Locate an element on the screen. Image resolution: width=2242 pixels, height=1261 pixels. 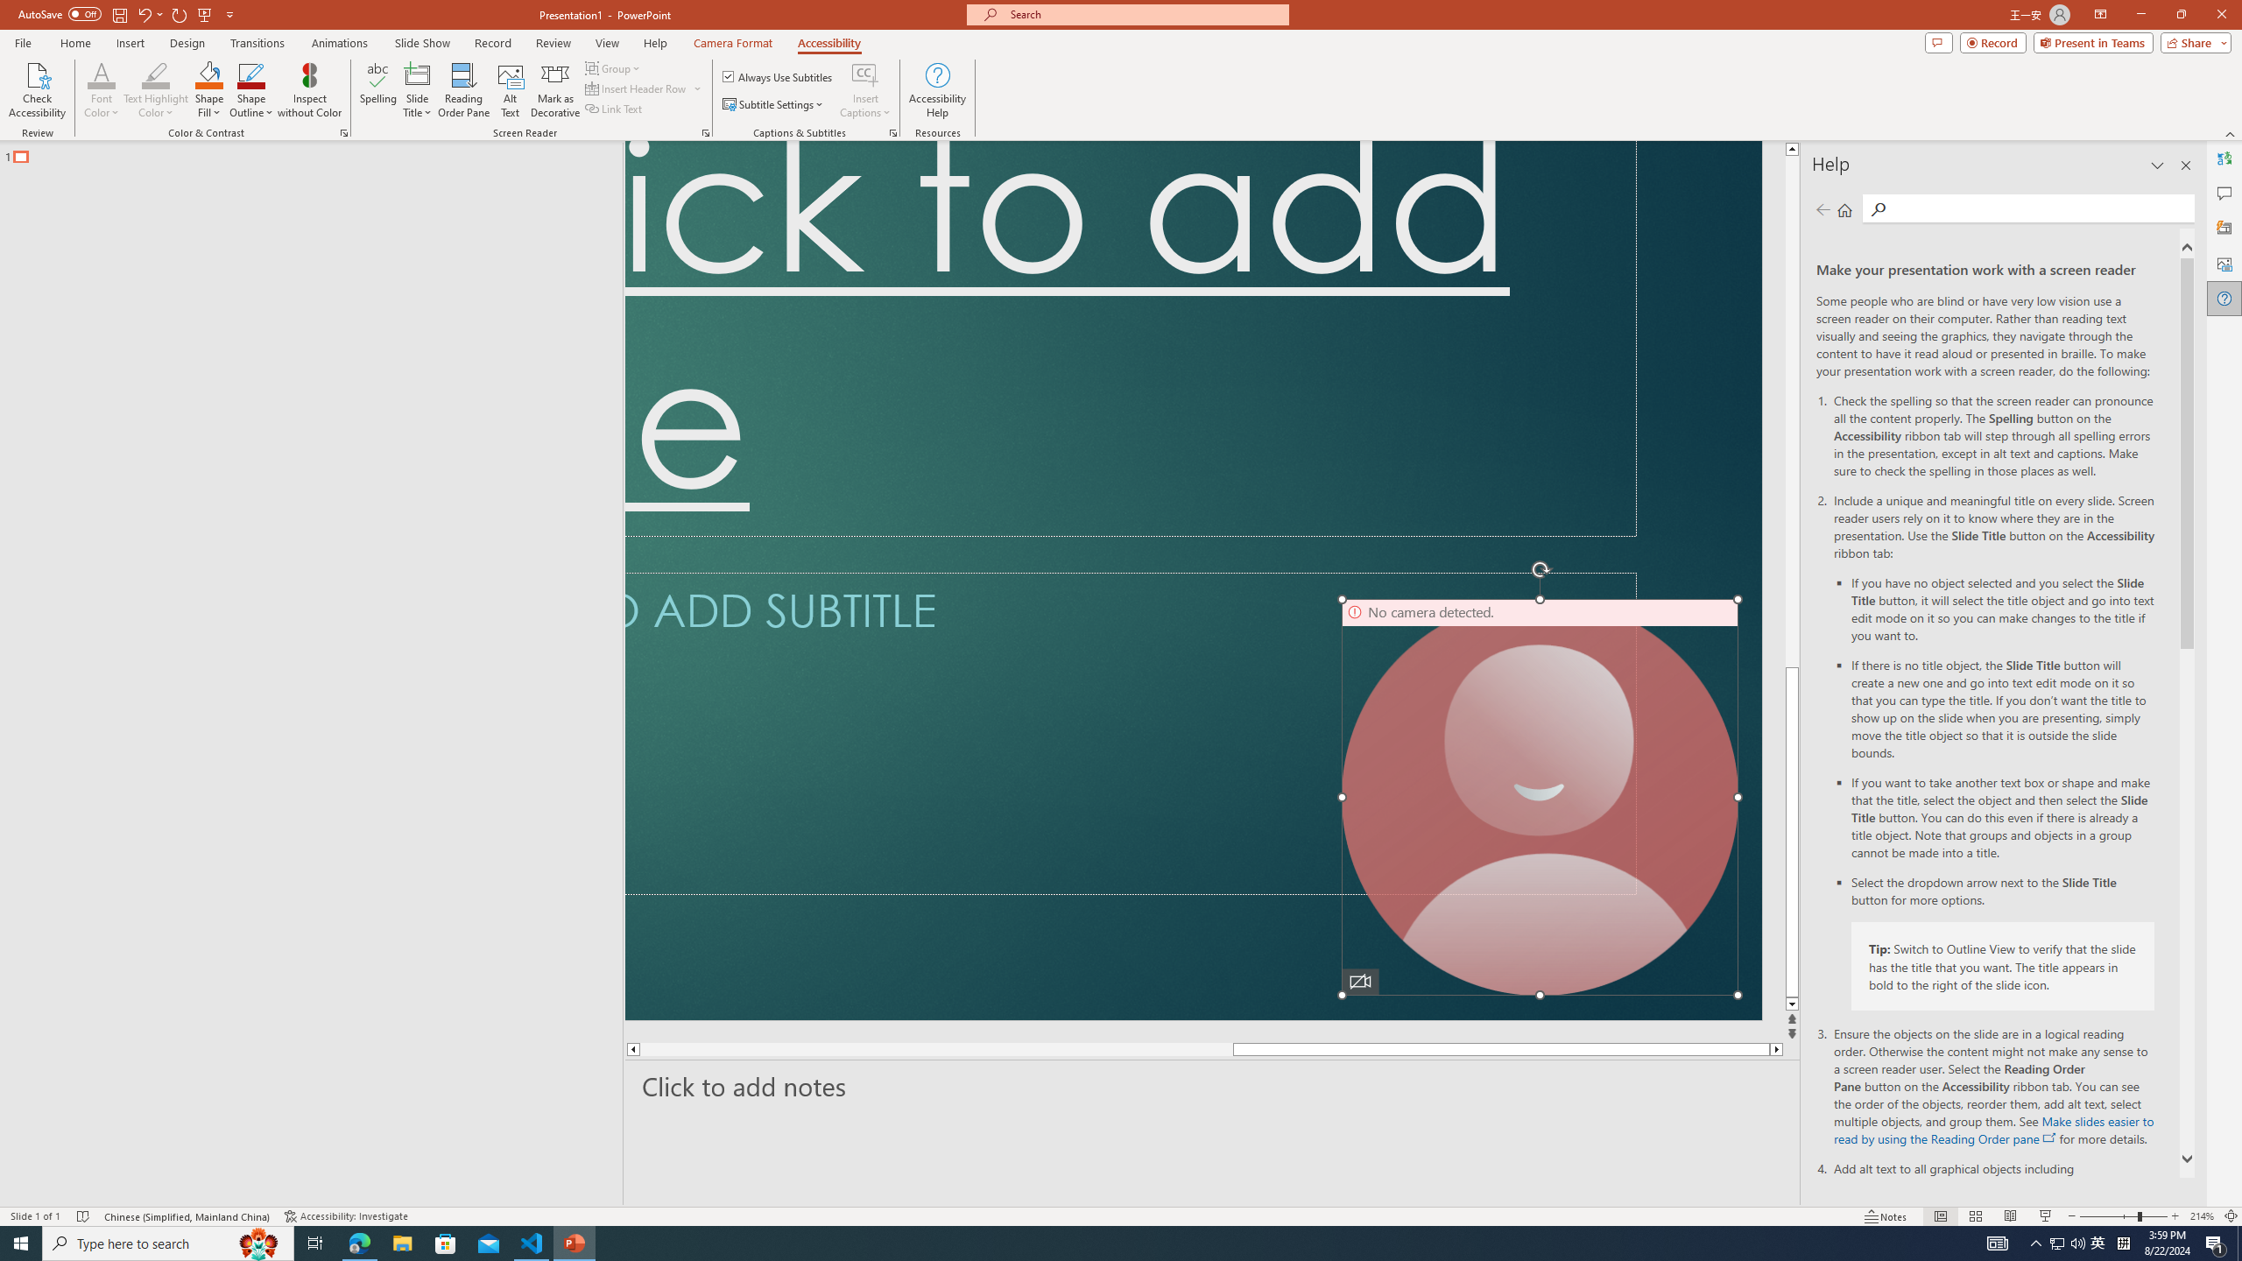
'Task Pane Options' is located at coordinates (2157, 165).